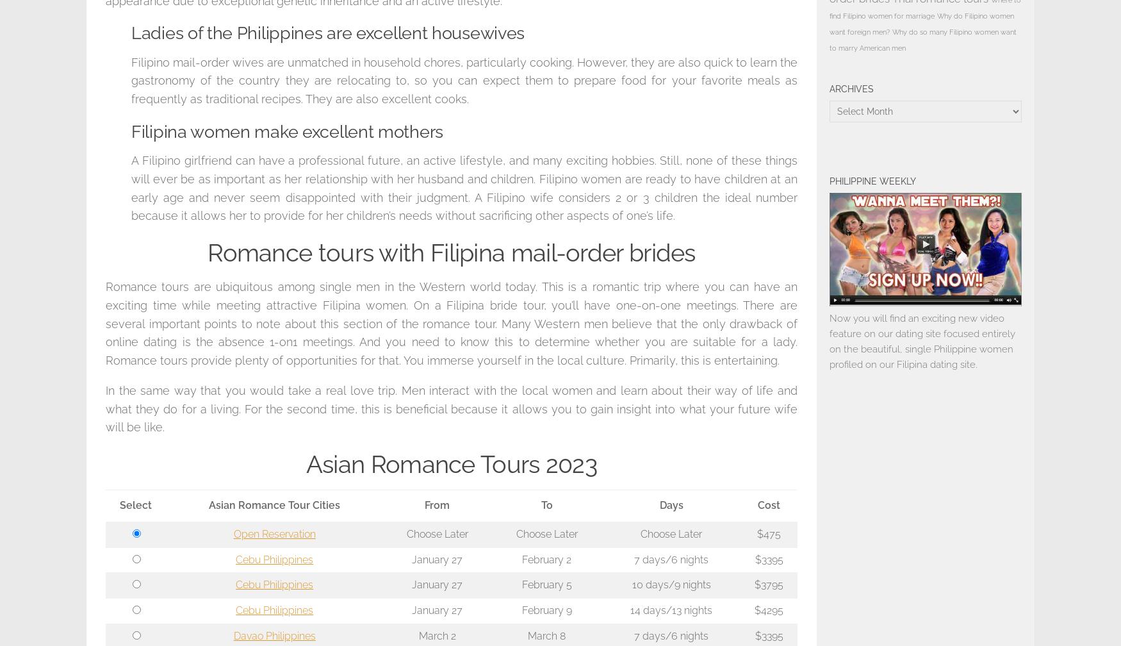  Describe the element at coordinates (671, 610) in the screenshot. I see `'14 days/13 nights'` at that location.